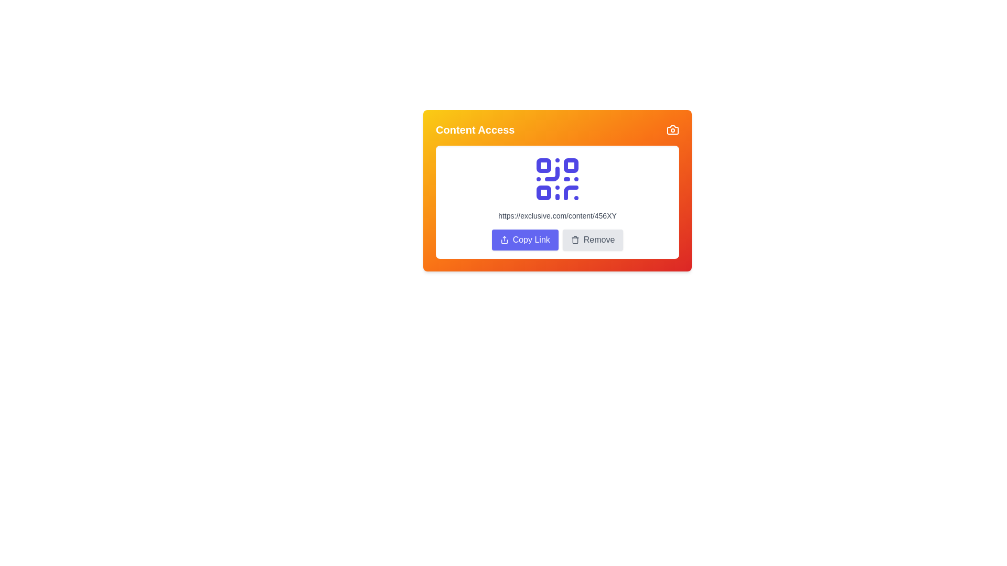 The image size is (1007, 566). I want to click on the URL text 'https://exclusive.com/content/456XY' which is styled in gray font and located below the QR code within a card that has a gradient orange border, for copying, so click(556, 215).